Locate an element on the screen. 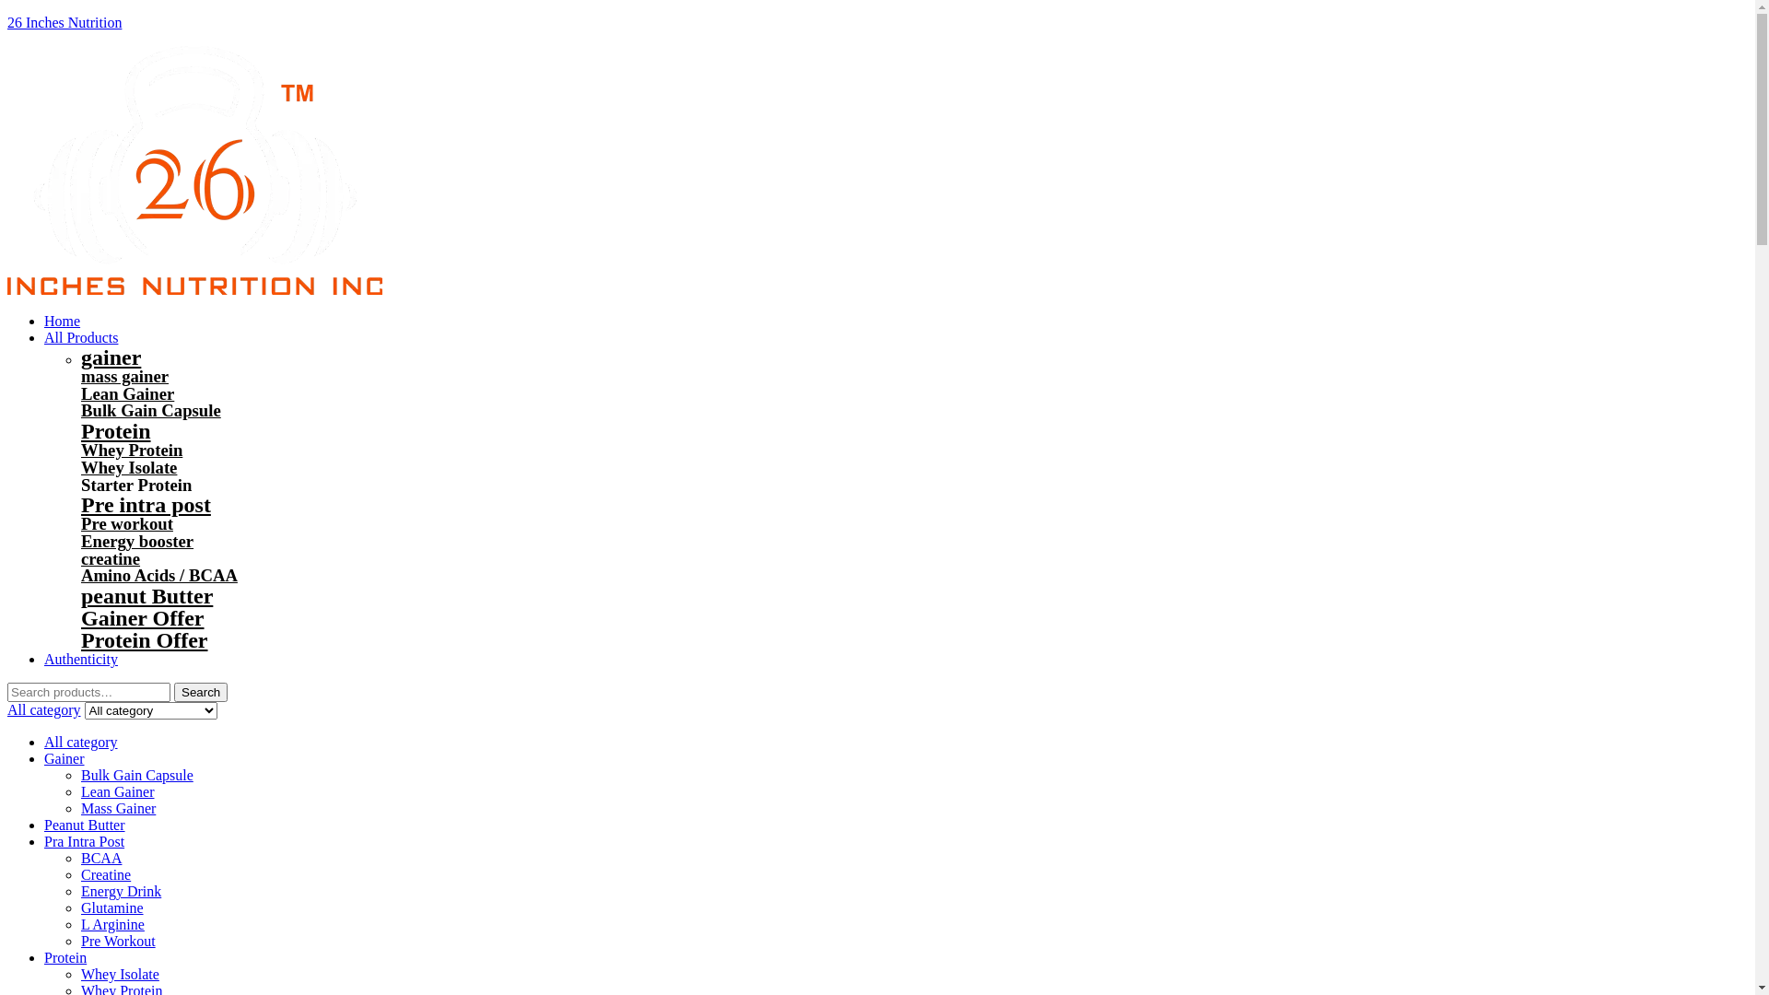 Image resolution: width=1769 pixels, height=995 pixels. 'Authenticity' is located at coordinates (79, 658).